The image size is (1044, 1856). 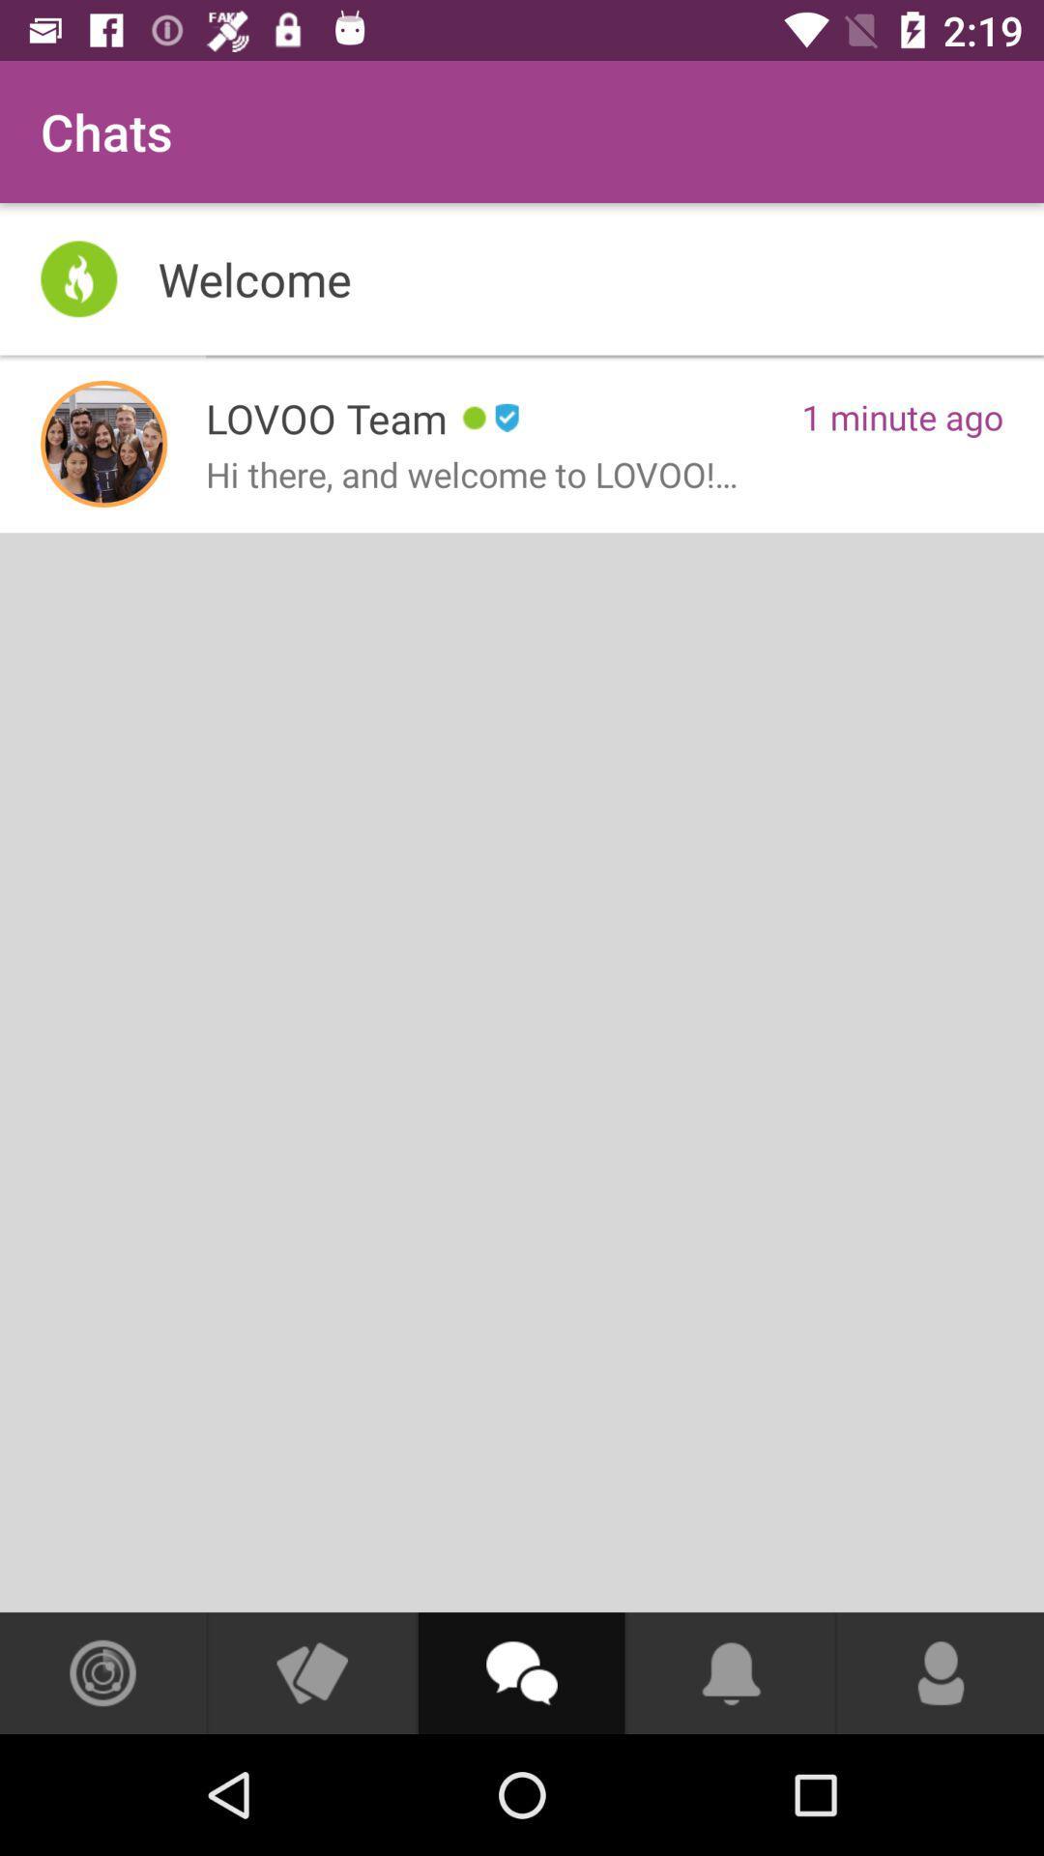 I want to click on see lovoo team info, so click(x=103, y=443).